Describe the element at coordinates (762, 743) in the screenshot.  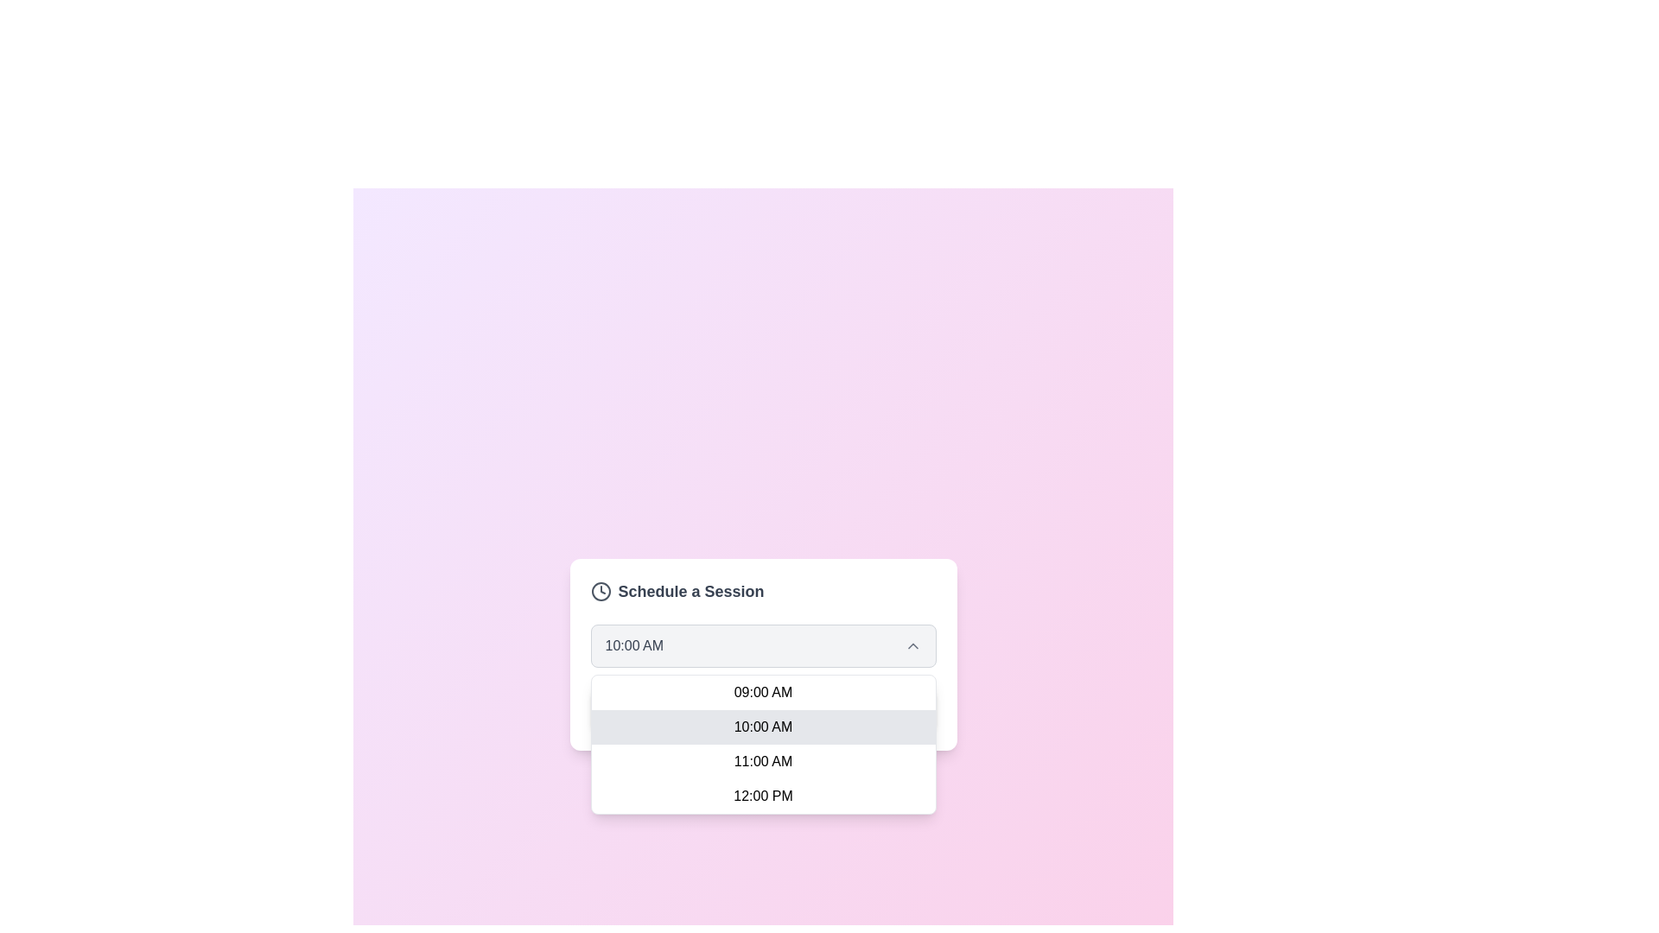
I see `the second option in the dropdown menu` at that location.